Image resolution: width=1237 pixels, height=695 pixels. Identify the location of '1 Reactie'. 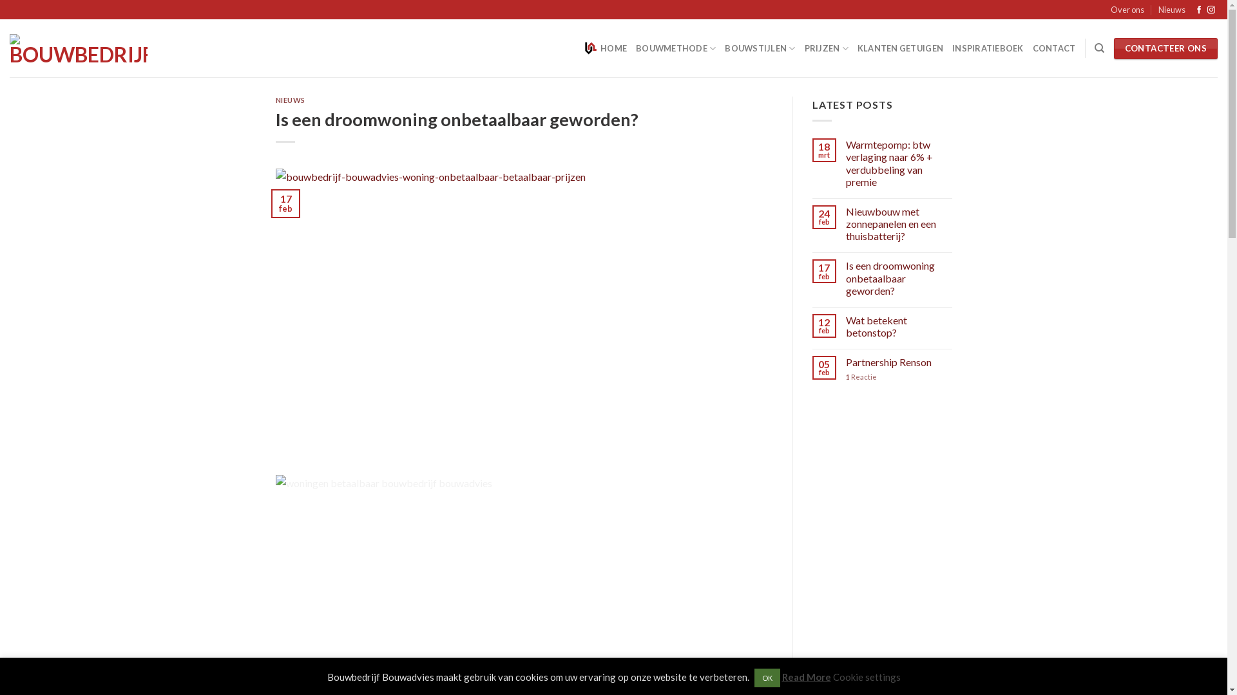
(898, 376).